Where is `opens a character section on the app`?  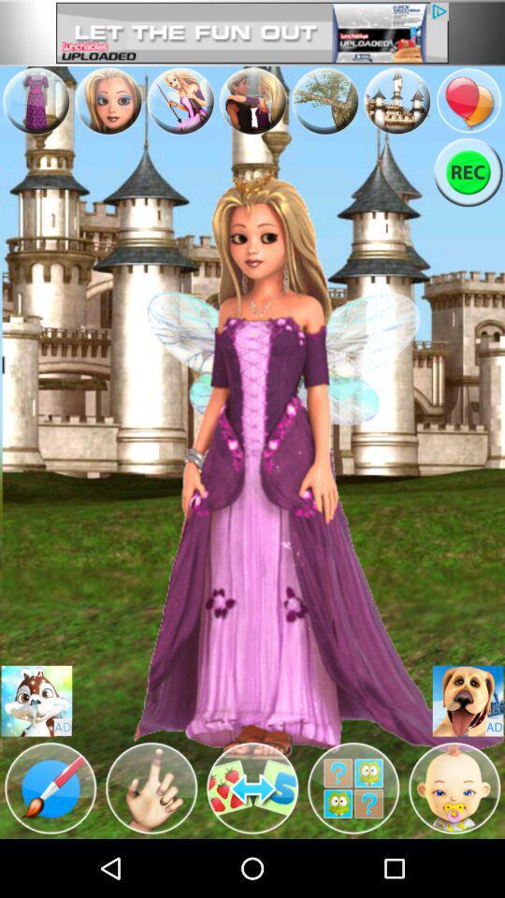
opens a character section on the app is located at coordinates (454, 787).